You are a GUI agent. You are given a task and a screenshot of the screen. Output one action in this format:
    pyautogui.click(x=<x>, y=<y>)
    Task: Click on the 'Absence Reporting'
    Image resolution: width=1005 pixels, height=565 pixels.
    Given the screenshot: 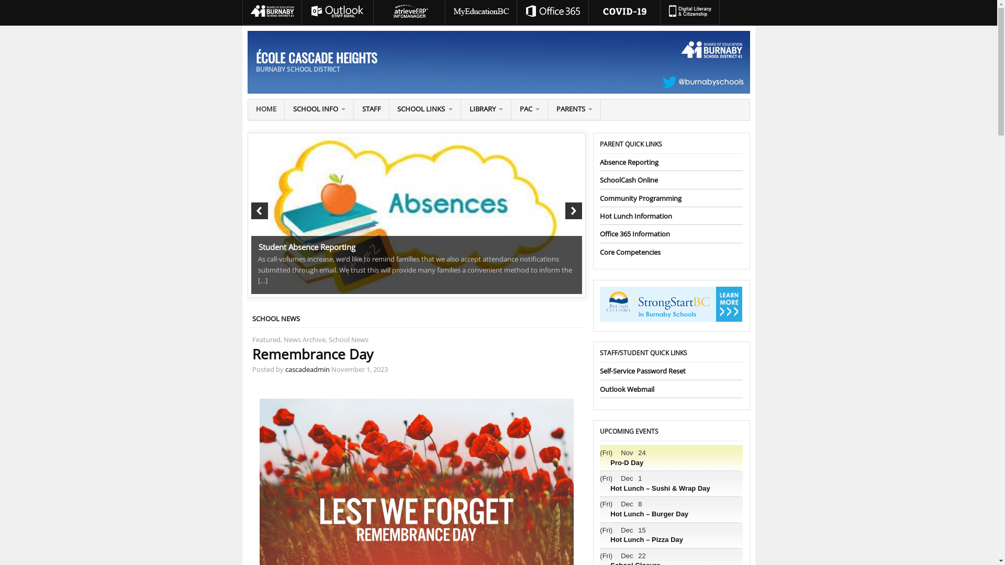 What is the action you would take?
    pyautogui.click(x=628, y=162)
    